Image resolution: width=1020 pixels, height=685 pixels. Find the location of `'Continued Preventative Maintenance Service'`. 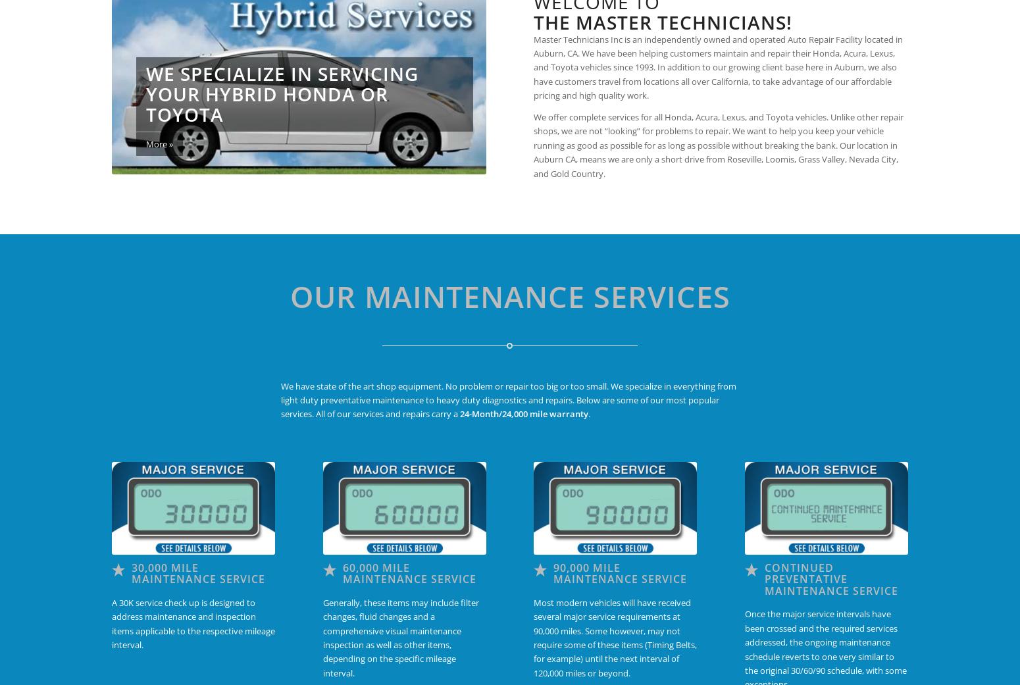

'Continued Preventative Maintenance Service' is located at coordinates (830, 578).